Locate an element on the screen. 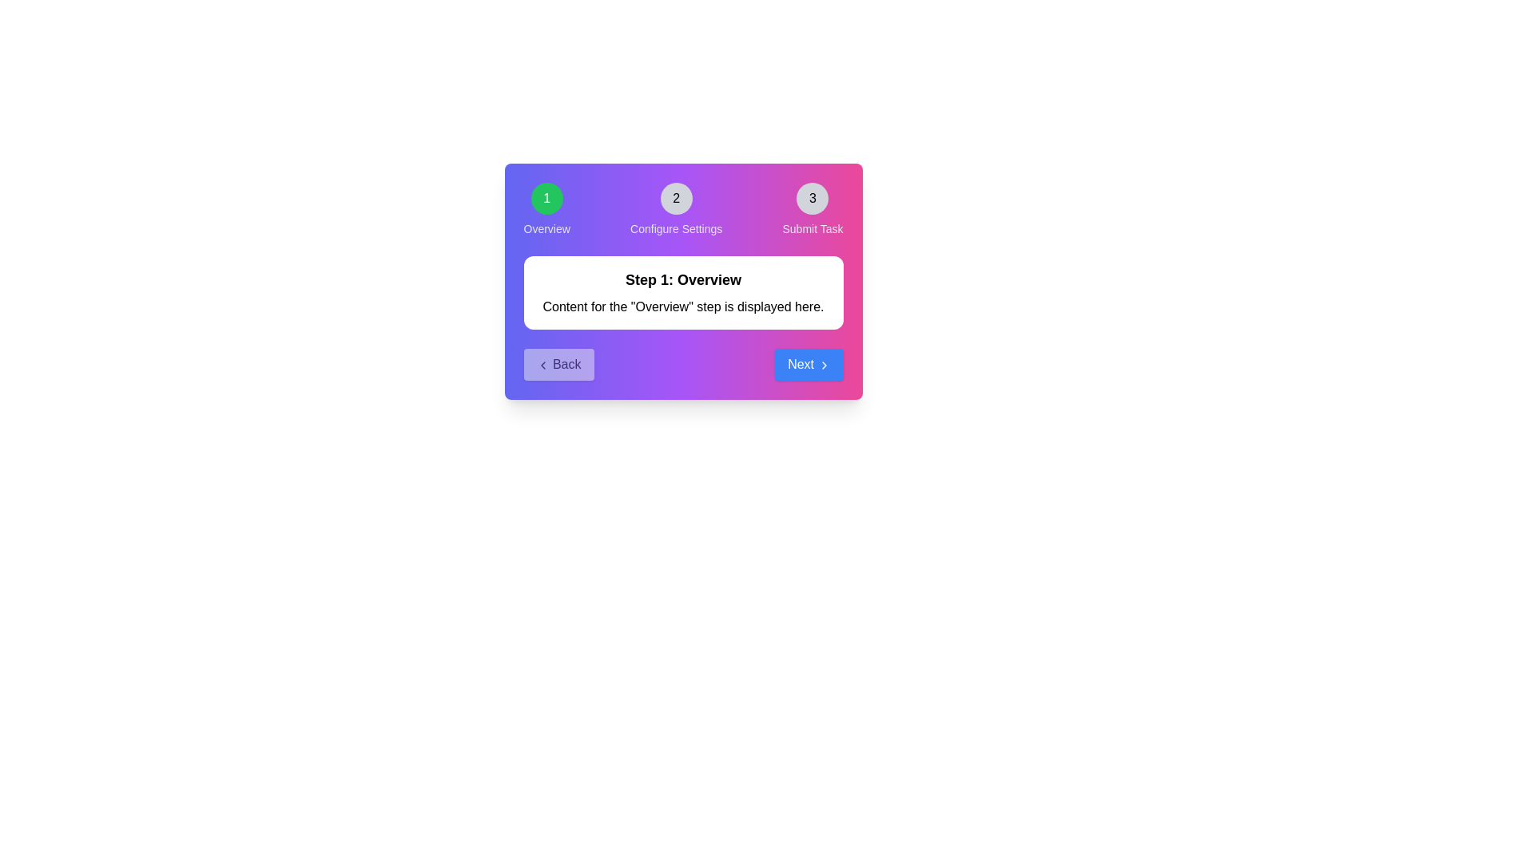 This screenshot has width=1534, height=862. the Back button to navigate the stepper is located at coordinates (558, 364).